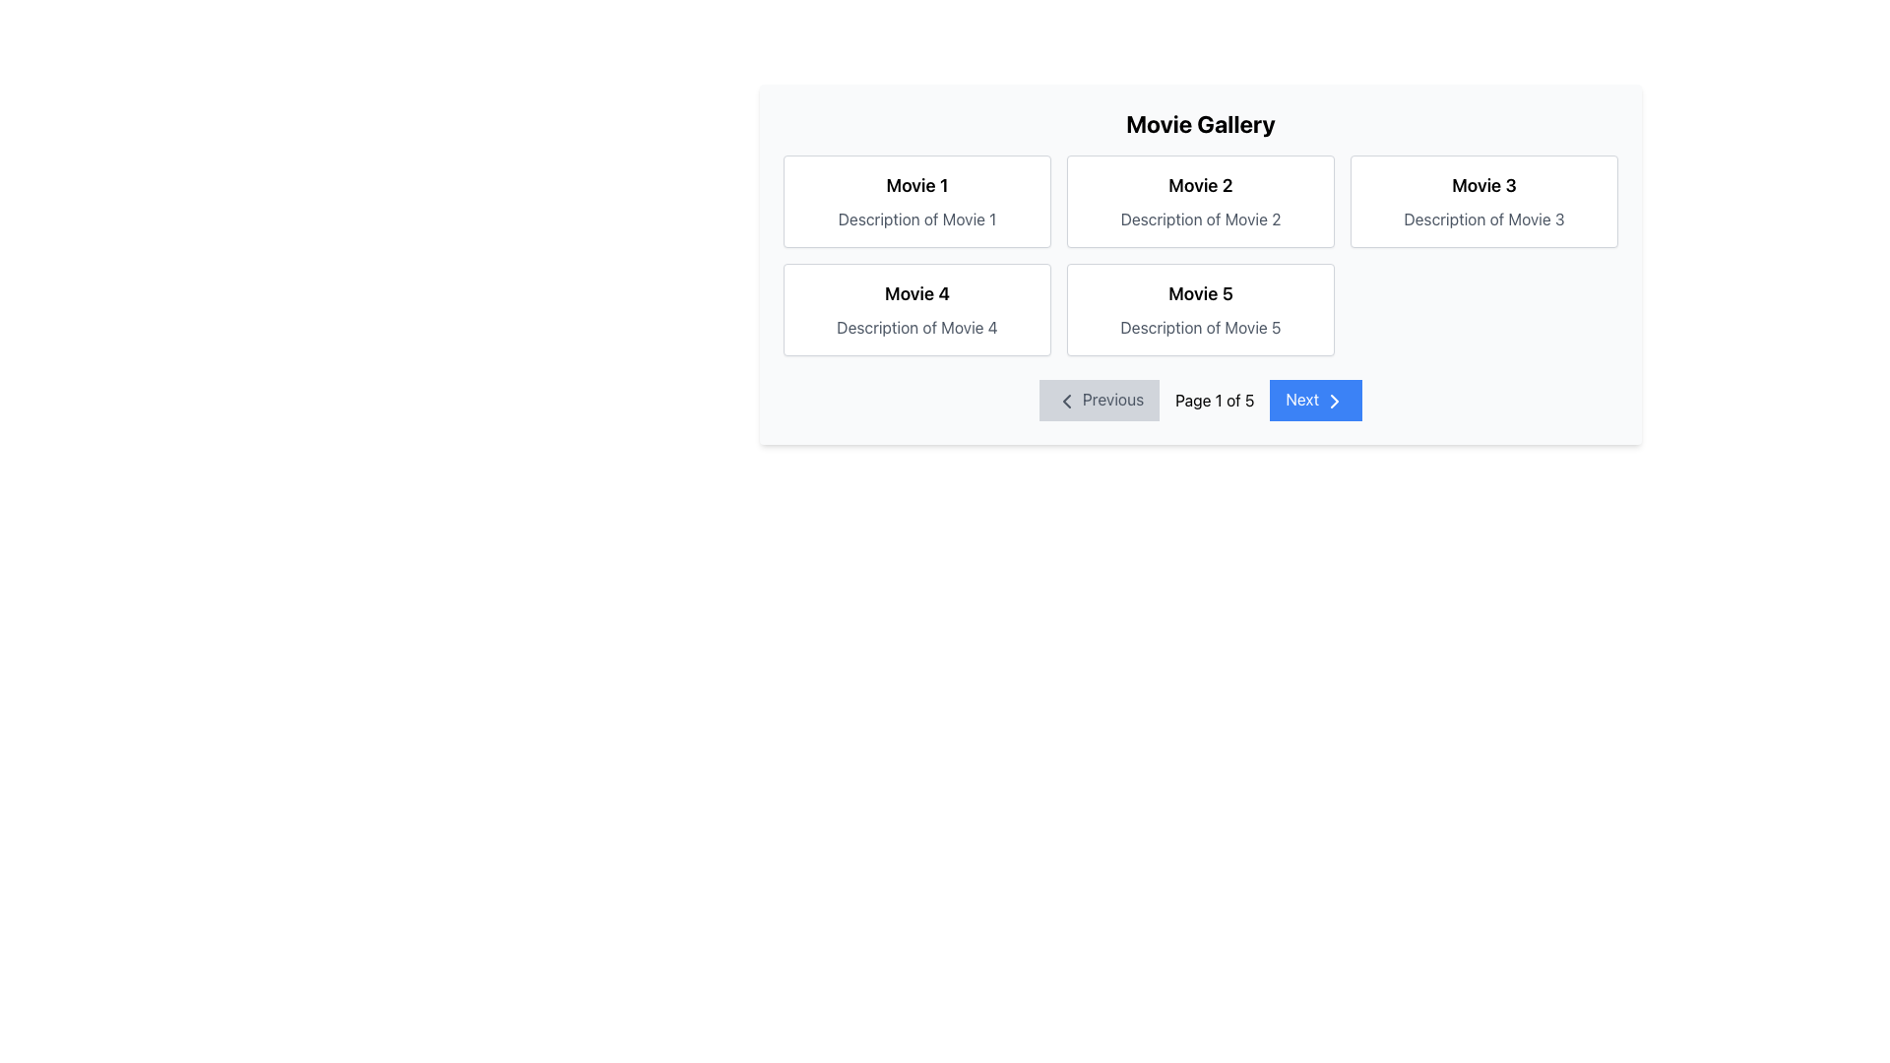 The width and height of the screenshot is (1890, 1063). I want to click on the static text label that provides a brief description for 'Movie 1', located in the first card of the grid layout in the upper-left section of the interface, so click(915, 219).